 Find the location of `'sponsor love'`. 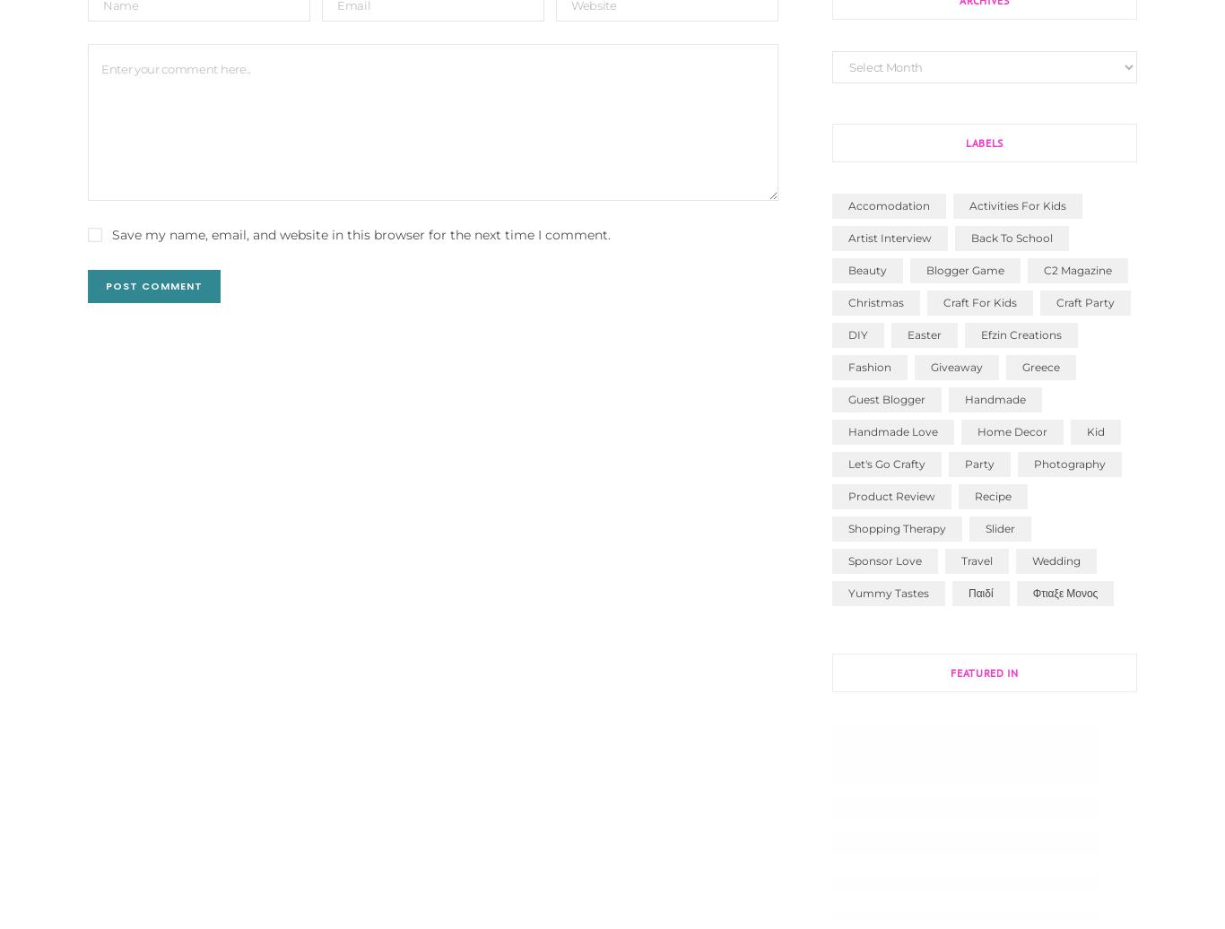

'sponsor love' is located at coordinates (884, 560).